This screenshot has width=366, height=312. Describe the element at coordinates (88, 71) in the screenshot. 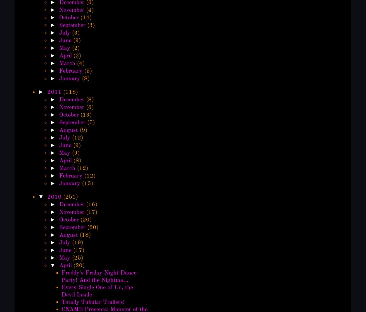

I see `'(5)'` at that location.